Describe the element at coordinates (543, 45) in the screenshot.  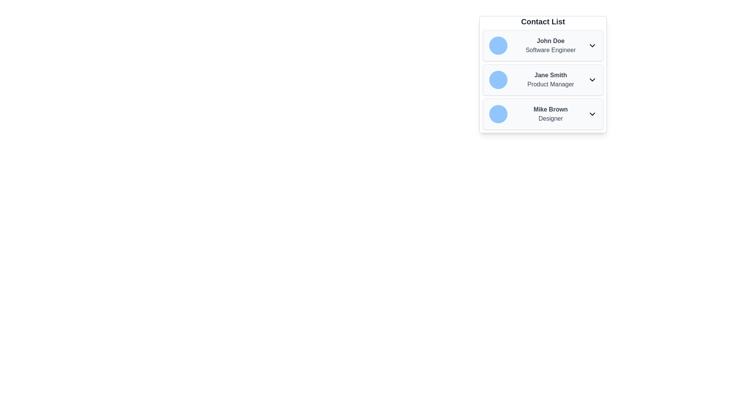
I see `the first contact entry in the contact list` at that location.